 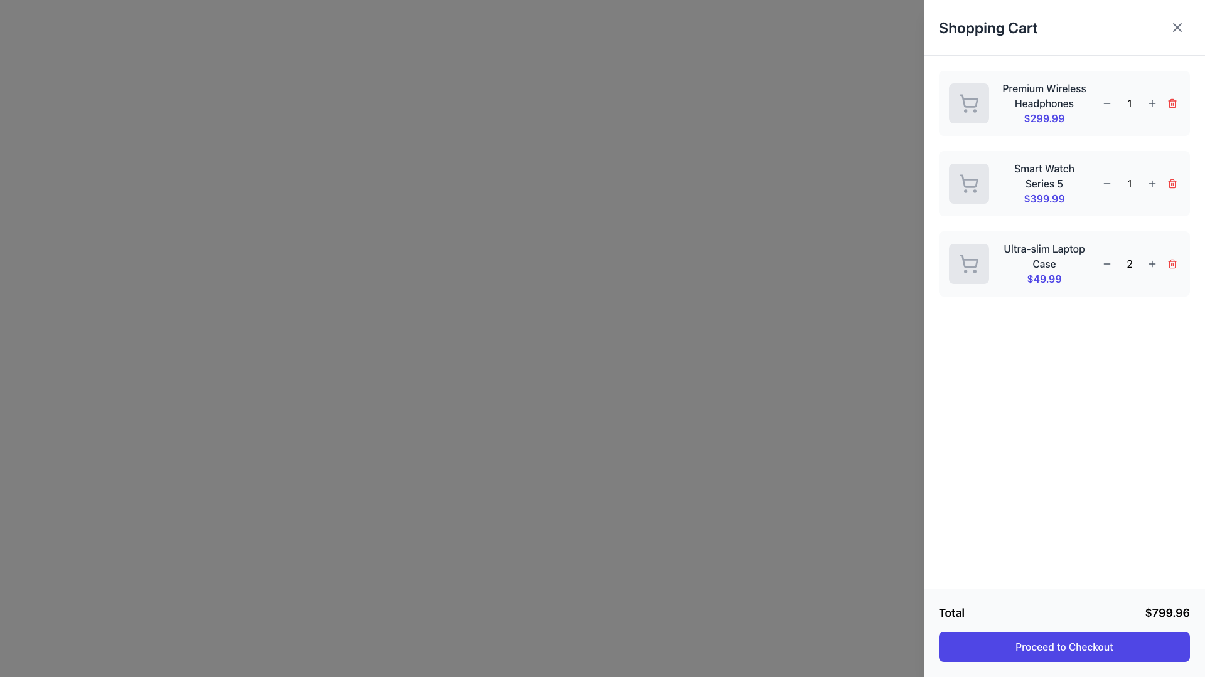 What do you see at coordinates (1130, 103) in the screenshot?
I see `displayed quantity from the text label showing the number '1', which is centered within its bounding area in the shopping cart, associated with 'Premium Wireless Headphones'` at bounding box center [1130, 103].